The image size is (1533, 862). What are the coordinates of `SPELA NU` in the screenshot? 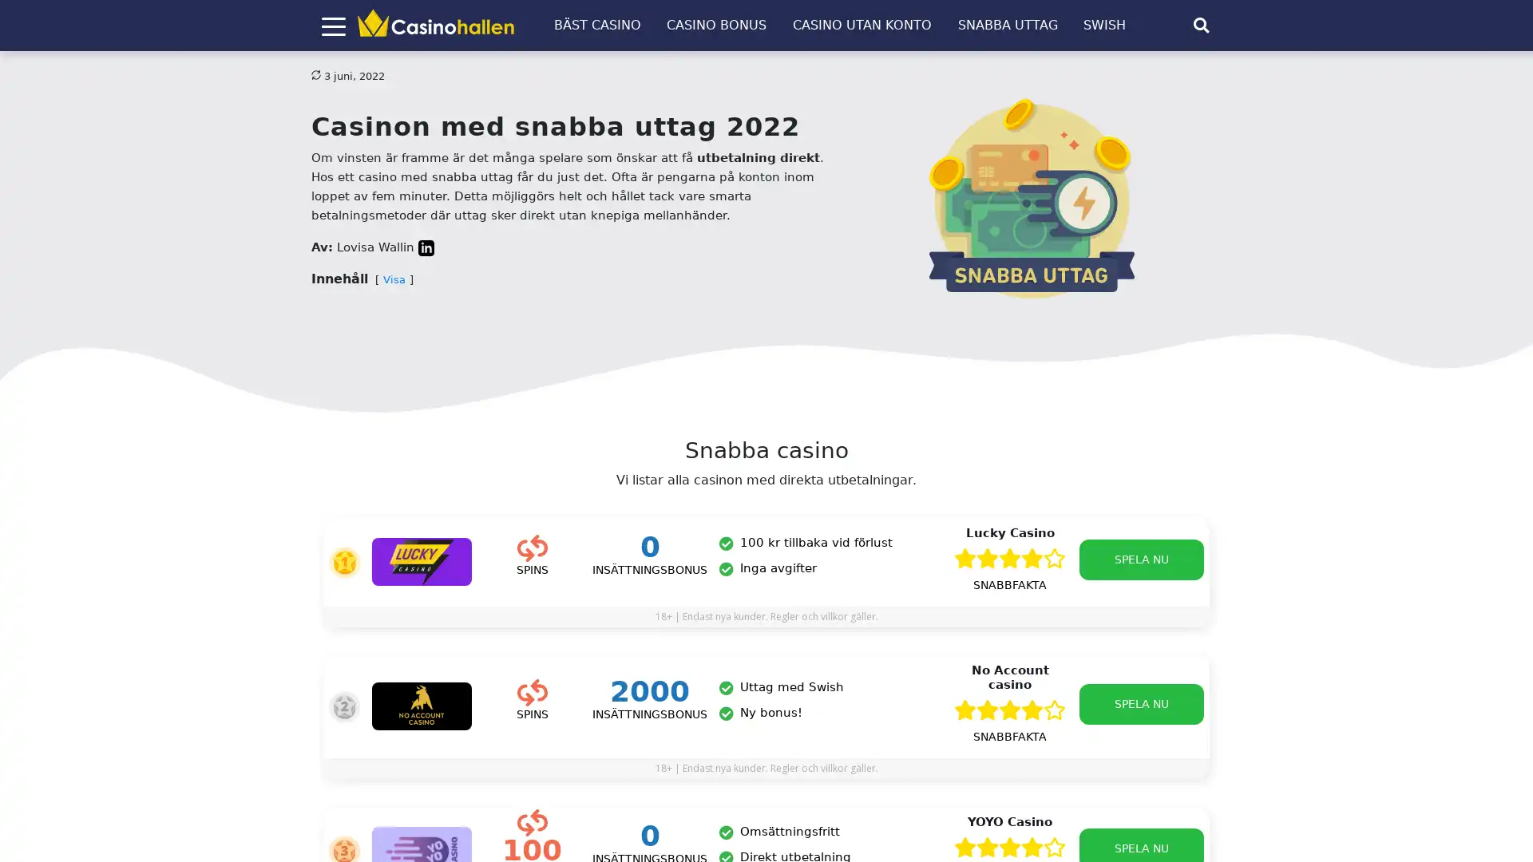 It's located at (1135, 772).